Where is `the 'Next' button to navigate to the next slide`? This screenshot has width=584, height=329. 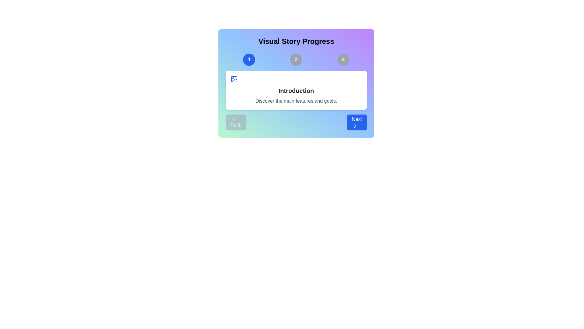
the 'Next' button to navigate to the next slide is located at coordinates (356, 122).